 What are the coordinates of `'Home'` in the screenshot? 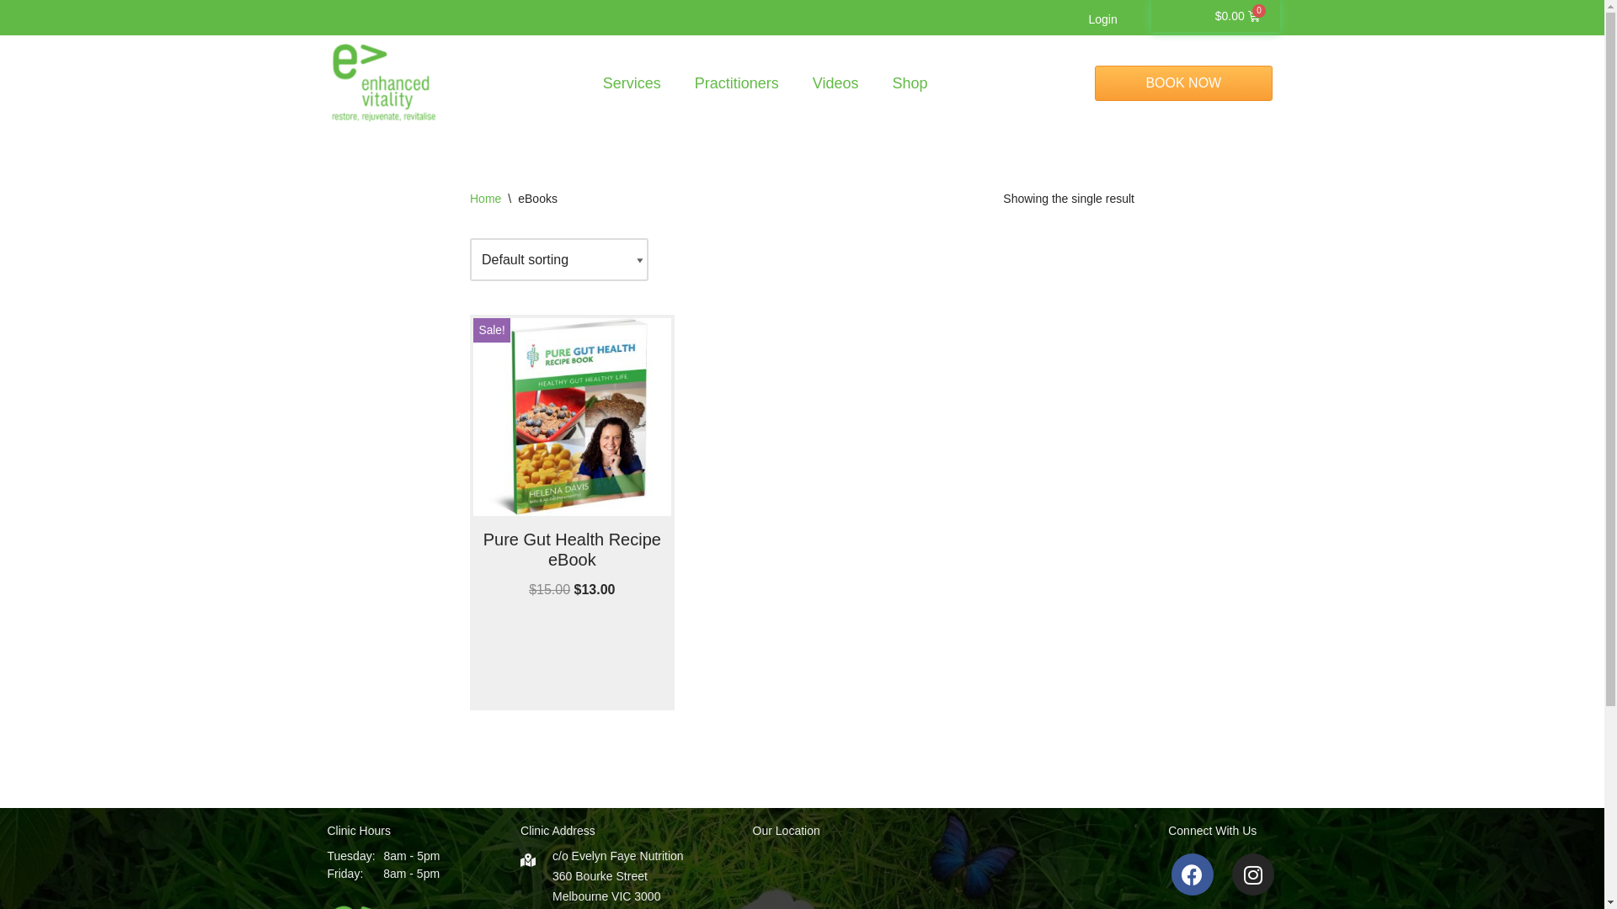 It's located at (484, 197).